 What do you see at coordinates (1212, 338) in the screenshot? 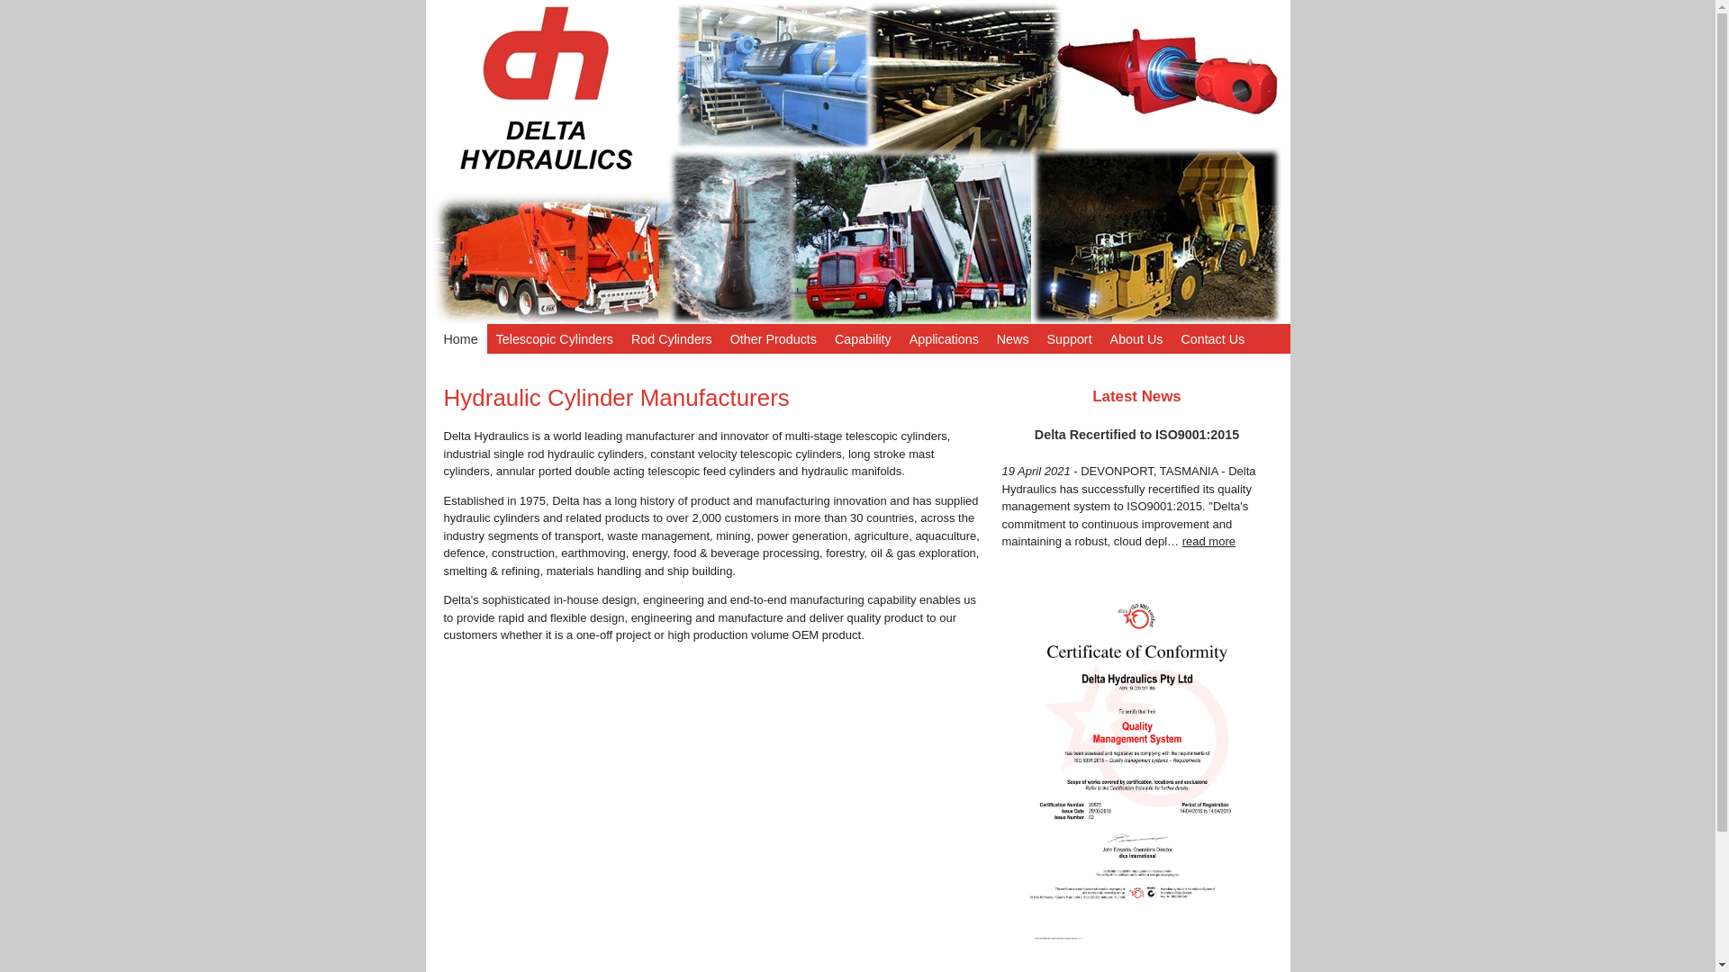
I see `'Contact Us'` at bounding box center [1212, 338].